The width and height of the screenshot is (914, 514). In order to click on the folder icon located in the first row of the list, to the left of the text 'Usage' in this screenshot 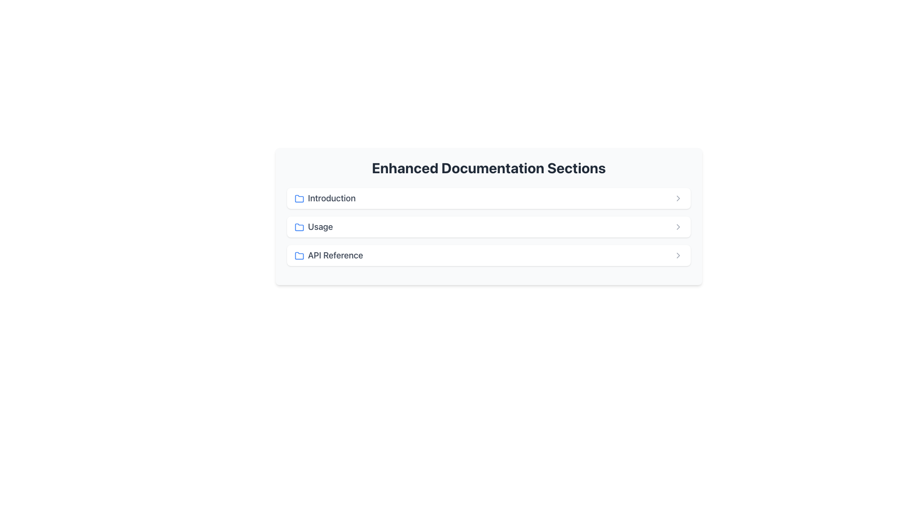, I will do `click(298, 198)`.